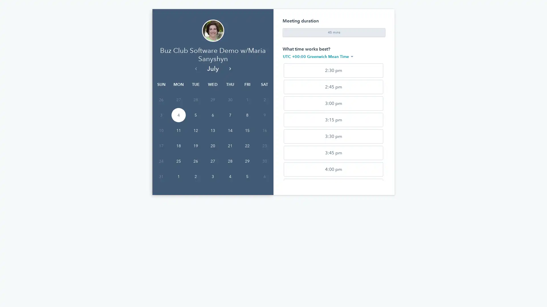 The width and height of the screenshot is (547, 307). I want to click on View June, so click(195, 90).